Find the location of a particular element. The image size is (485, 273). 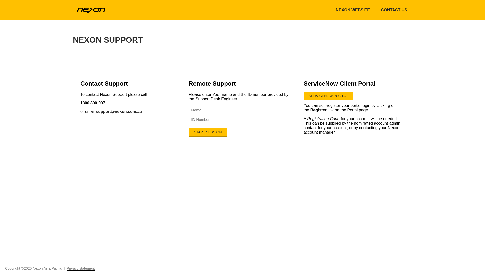

'CONTACT US' is located at coordinates (394, 10).